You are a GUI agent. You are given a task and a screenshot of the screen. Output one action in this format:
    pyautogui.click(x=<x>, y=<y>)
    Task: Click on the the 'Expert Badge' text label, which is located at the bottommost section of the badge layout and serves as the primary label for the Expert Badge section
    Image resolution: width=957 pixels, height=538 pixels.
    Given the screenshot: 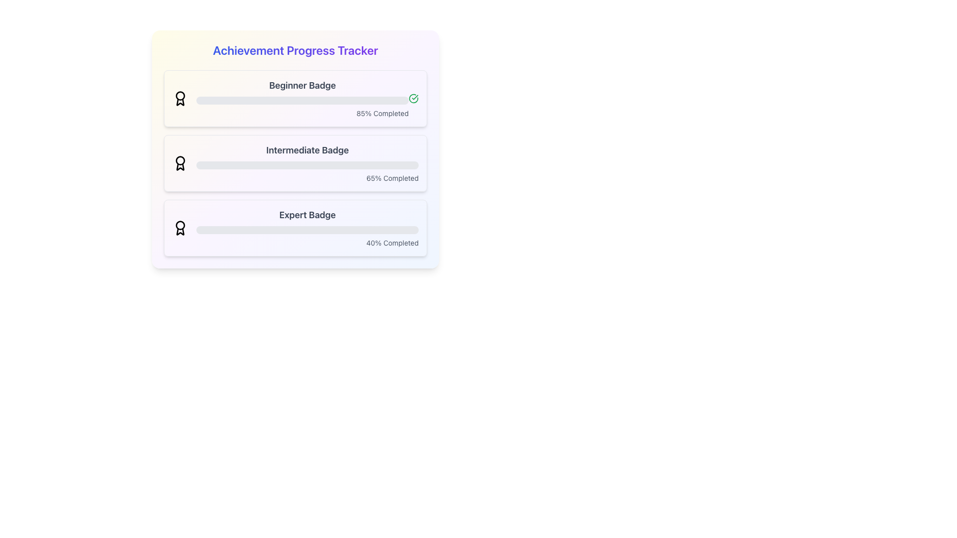 What is the action you would take?
    pyautogui.click(x=307, y=215)
    